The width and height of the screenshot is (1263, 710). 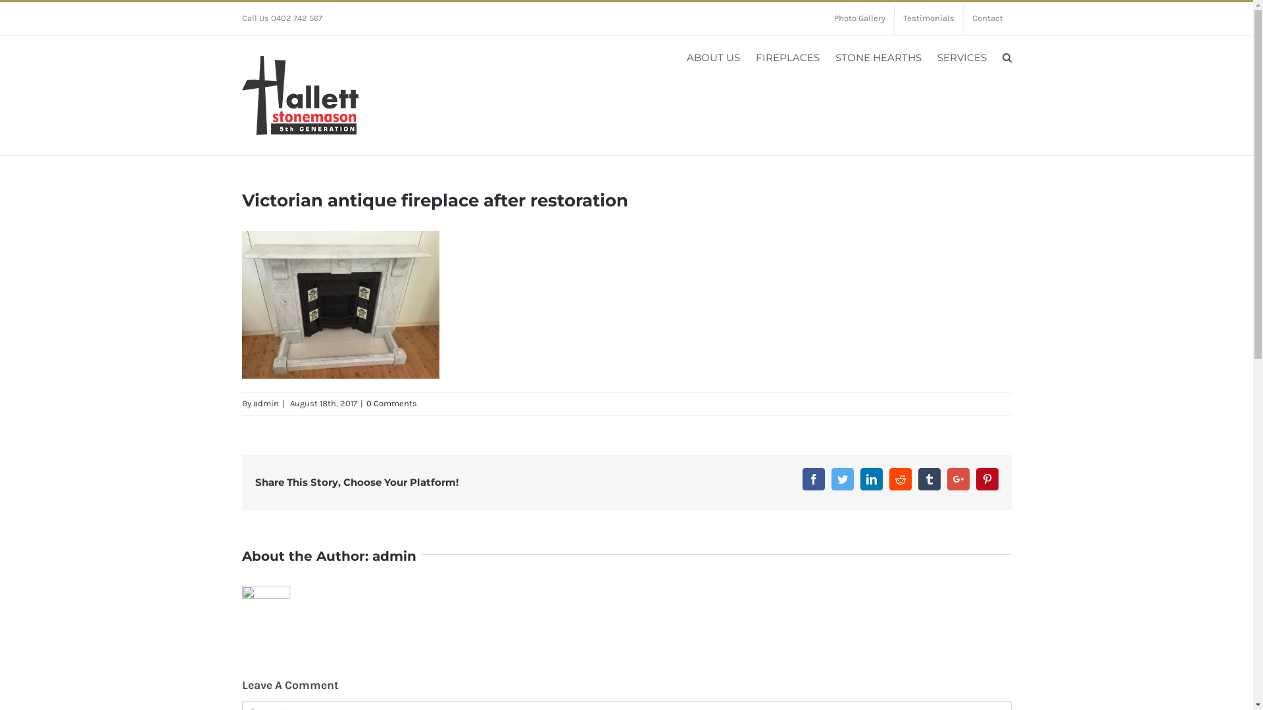 I want to click on 'Pinterest', so click(x=987, y=479).